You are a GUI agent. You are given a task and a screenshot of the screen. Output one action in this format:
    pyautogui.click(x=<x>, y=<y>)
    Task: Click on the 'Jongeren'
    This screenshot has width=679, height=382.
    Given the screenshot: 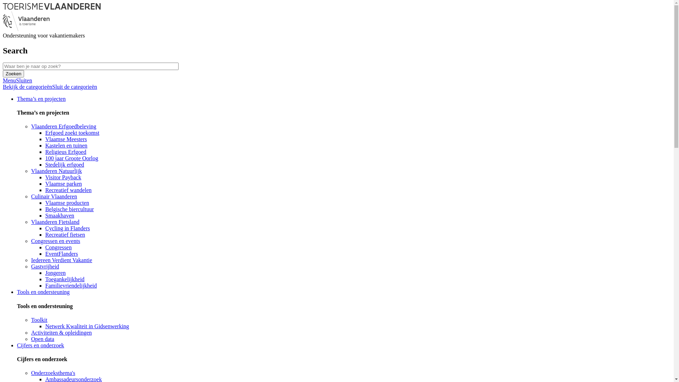 What is the action you would take?
    pyautogui.click(x=55, y=272)
    